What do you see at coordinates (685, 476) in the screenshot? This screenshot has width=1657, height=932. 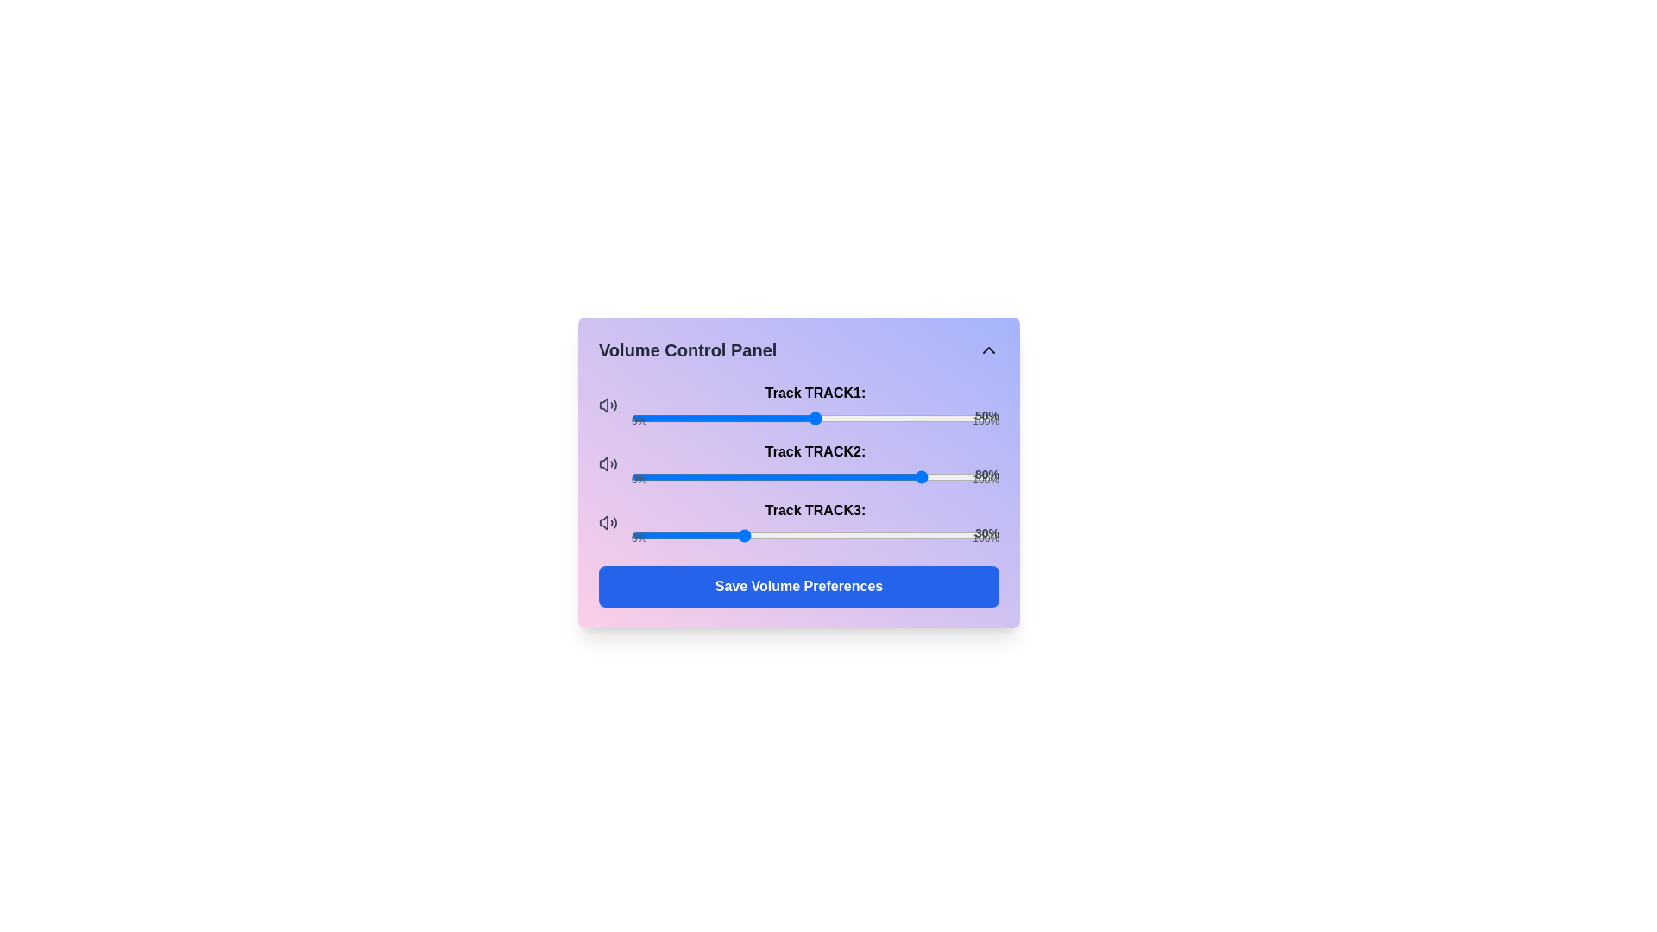 I see `the volume level` at bounding box center [685, 476].